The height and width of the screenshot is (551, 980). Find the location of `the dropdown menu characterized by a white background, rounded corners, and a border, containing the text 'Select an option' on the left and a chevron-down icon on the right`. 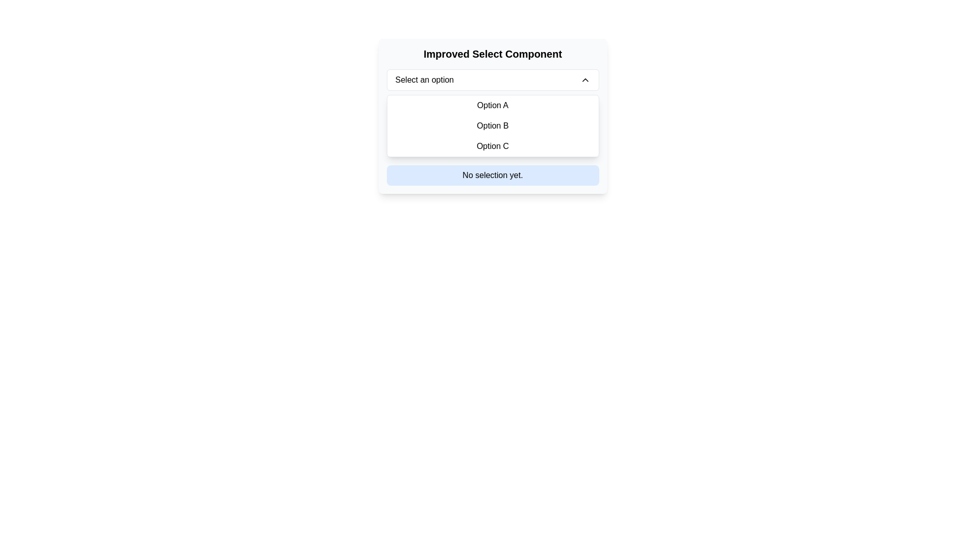

the dropdown menu characterized by a white background, rounded corners, and a border, containing the text 'Select an option' on the left and a chevron-down icon on the right is located at coordinates (493, 80).